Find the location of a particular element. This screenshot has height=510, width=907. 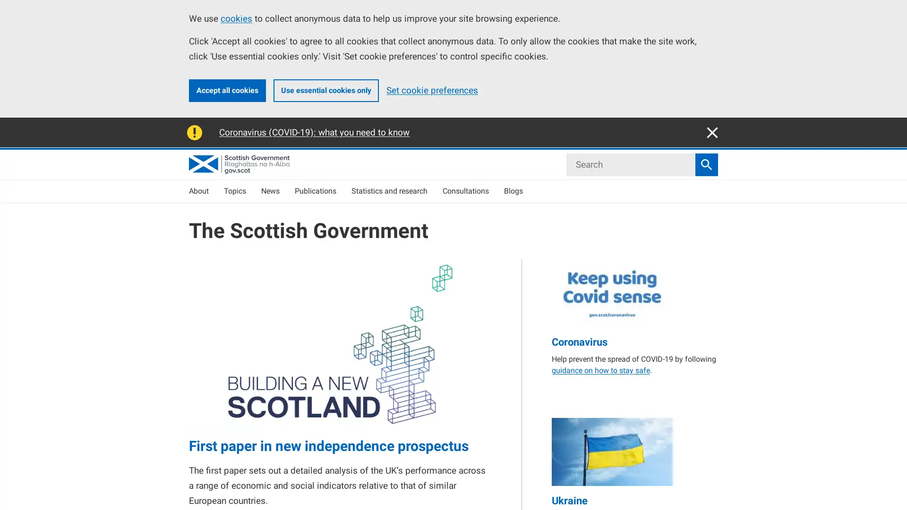

Accept all cookies is located at coordinates (227, 90).